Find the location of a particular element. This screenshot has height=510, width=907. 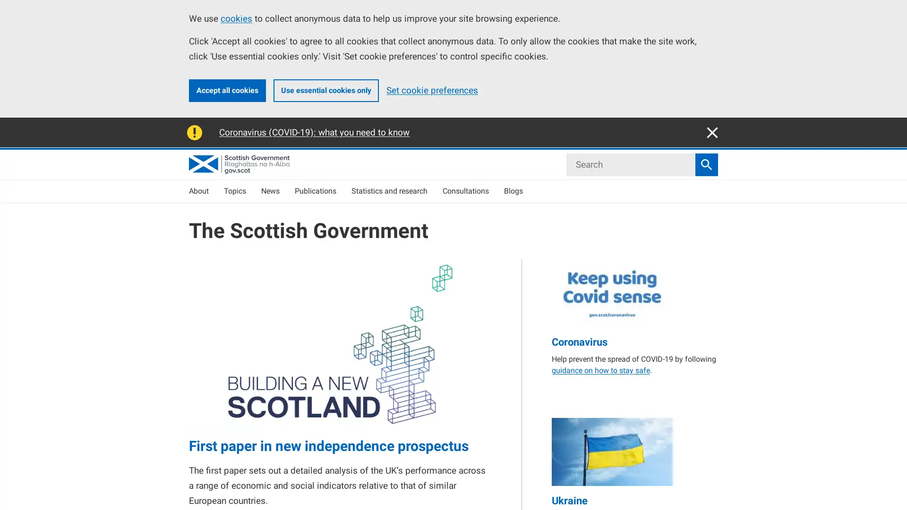

Accept all cookies is located at coordinates (227, 90).